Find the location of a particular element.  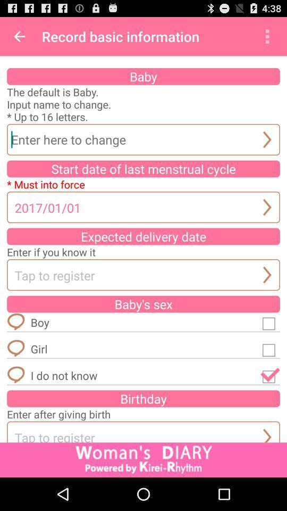

icon to the left of record basic information item is located at coordinates (19, 36).